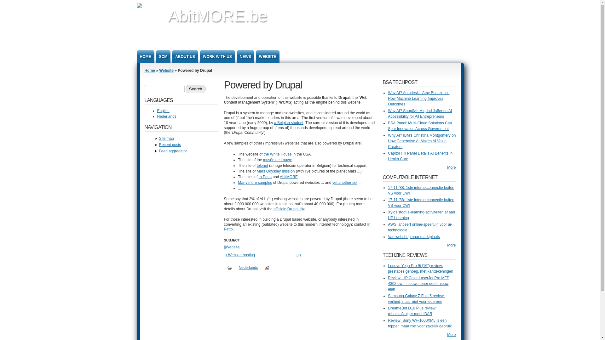 The height and width of the screenshot is (340, 605). Describe the element at coordinates (451, 167) in the screenshot. I see `'More'` at that location.